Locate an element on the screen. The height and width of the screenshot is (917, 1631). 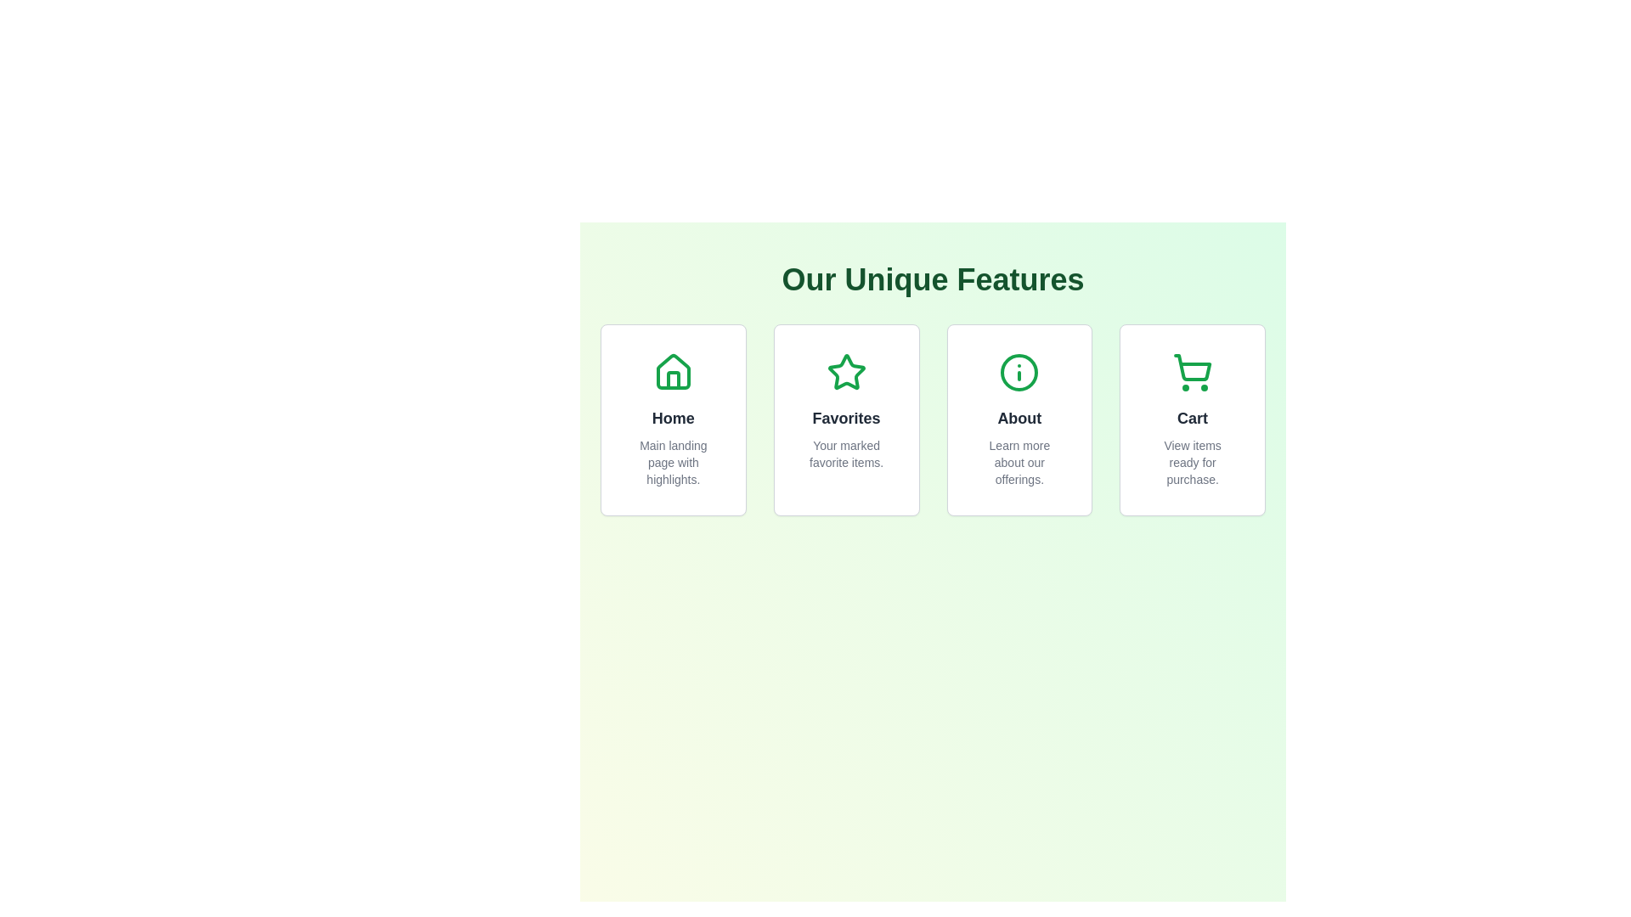
the text label that reads 'Main landing page with highlights.' within the 'Home' card, which is styled in a small, centered font and light gray color is located at coordinates (672, 462).